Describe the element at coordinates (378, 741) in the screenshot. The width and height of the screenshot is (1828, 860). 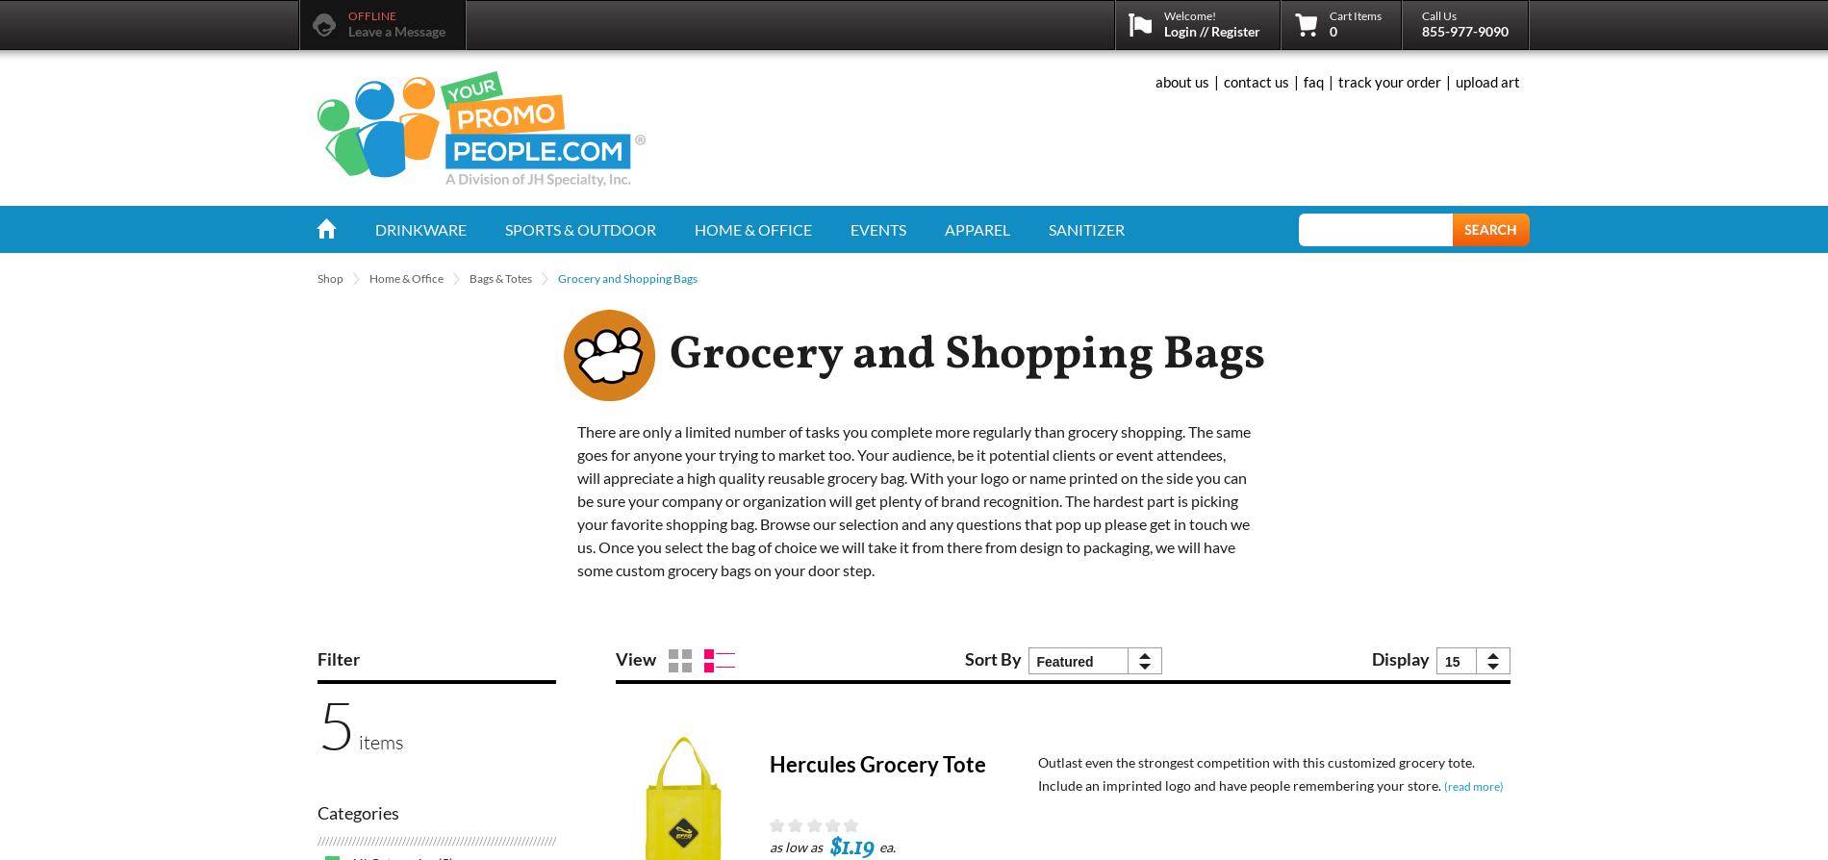
I see `'items'` at that location.